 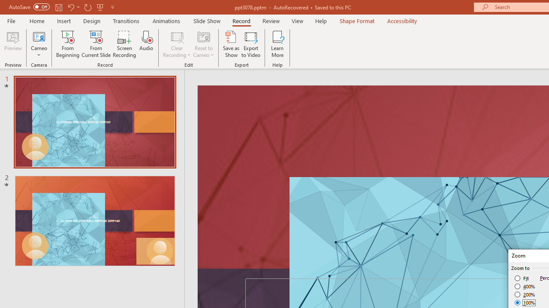 What do you see at coordinates (525, 302) in the screenshot?
I see `'100%'` at bounding box center [525, 302].